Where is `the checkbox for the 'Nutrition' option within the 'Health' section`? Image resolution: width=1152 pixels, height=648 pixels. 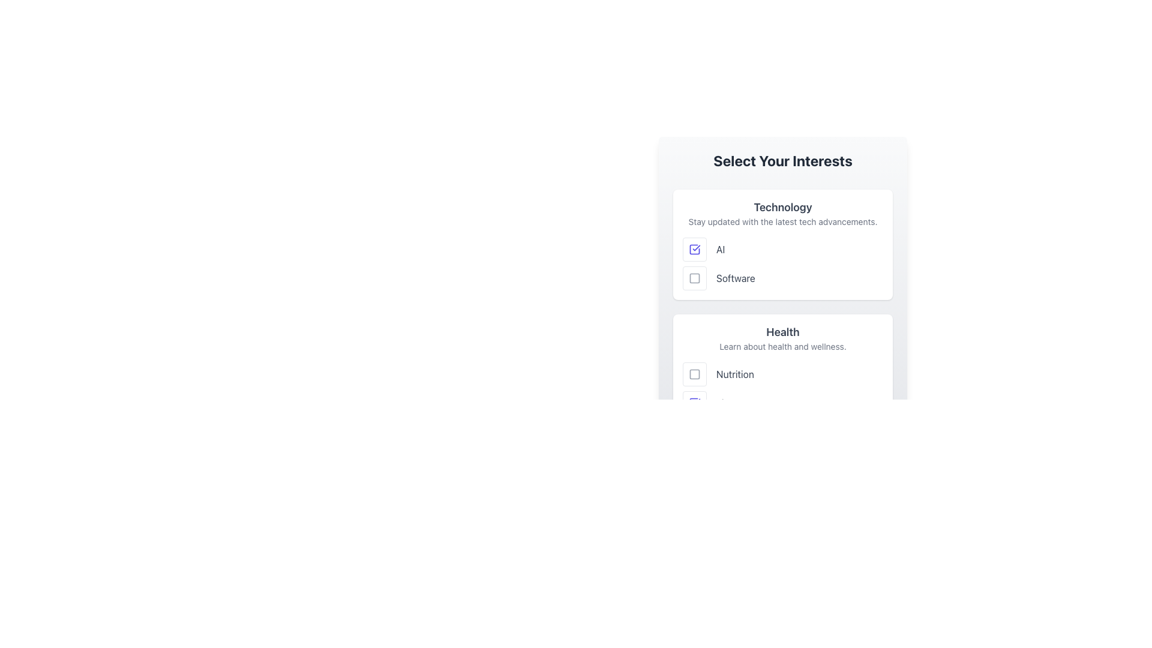
the checkbox for the 'Nutrition' option within the 'Health' section is located at coordinates (694, 374).